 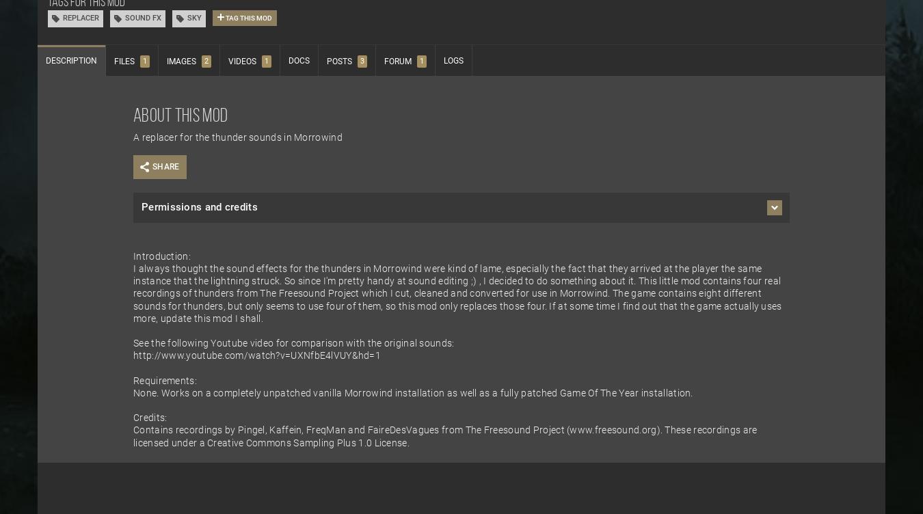 What do you see at coordinates (397, 62) in the screenshot?
I see `'Forum'` at bounding box center [397, 62].